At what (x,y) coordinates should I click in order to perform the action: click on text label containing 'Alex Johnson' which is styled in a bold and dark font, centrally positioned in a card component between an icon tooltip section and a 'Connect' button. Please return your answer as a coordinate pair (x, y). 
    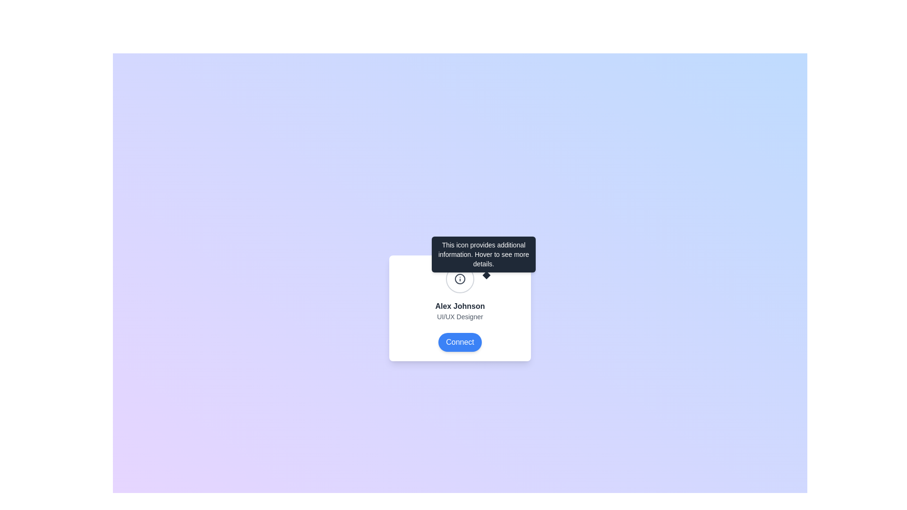
    Looking at the image, I should click on (460, 306).